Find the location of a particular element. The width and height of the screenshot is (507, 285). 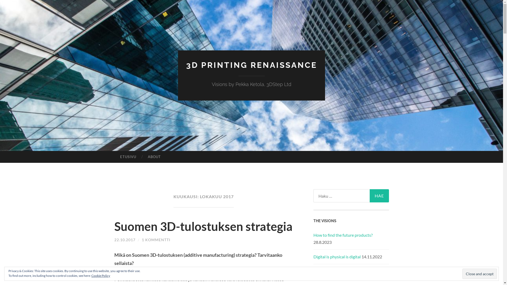

'3D PRINTING RENAISSANCE' is located at coordinates (251, 65).